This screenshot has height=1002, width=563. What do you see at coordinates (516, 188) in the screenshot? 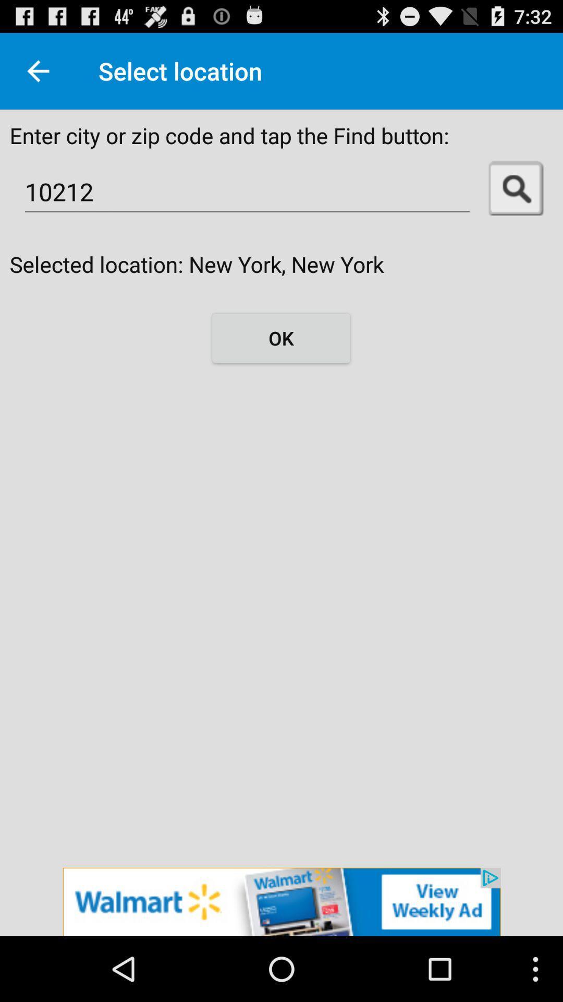
I see `search for location` at bounding box center [516, 188].